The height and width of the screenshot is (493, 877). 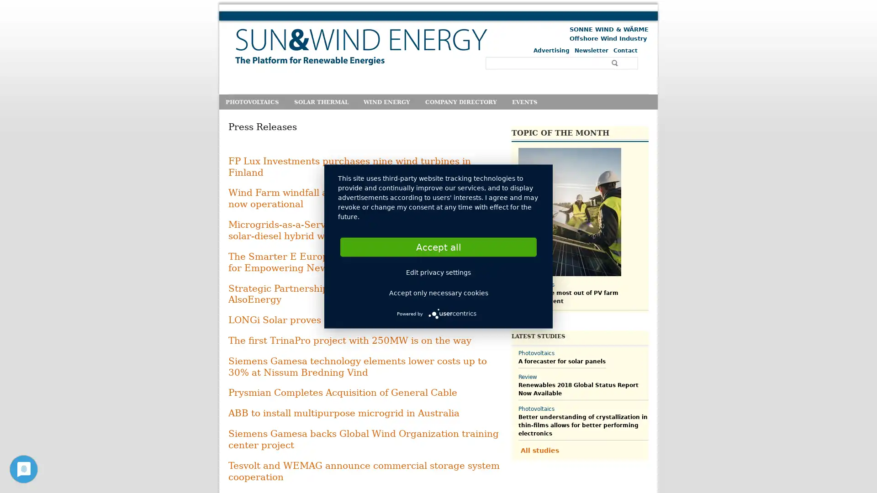 What do you see at coordinates (438, 246) in the screenshot?
I see `Accept` at bounding box center [438, 246].